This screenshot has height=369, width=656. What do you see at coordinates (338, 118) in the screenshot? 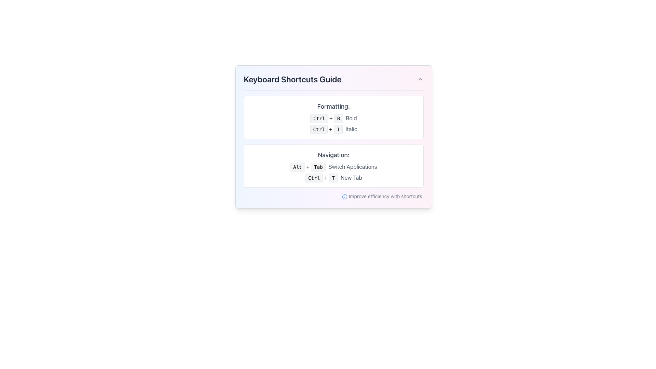
I see `the button-like representation of the 'B' key, which applies bold formatting when combined with the 'Ctrl' key` at bounding box center [338, 118].